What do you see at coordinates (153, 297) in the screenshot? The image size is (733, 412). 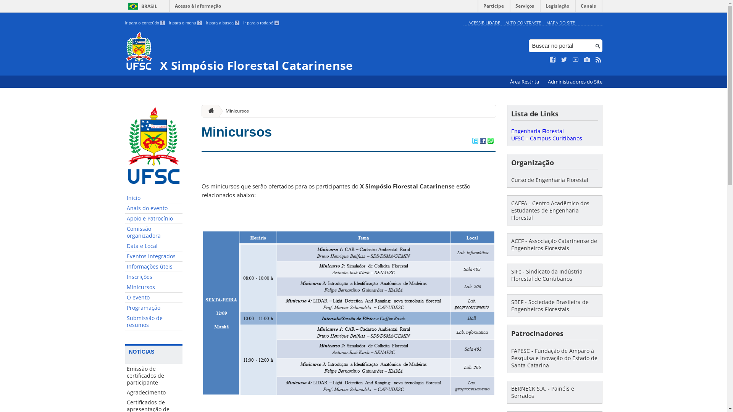 I see `'O evento'` at bounding box center [153, 297].